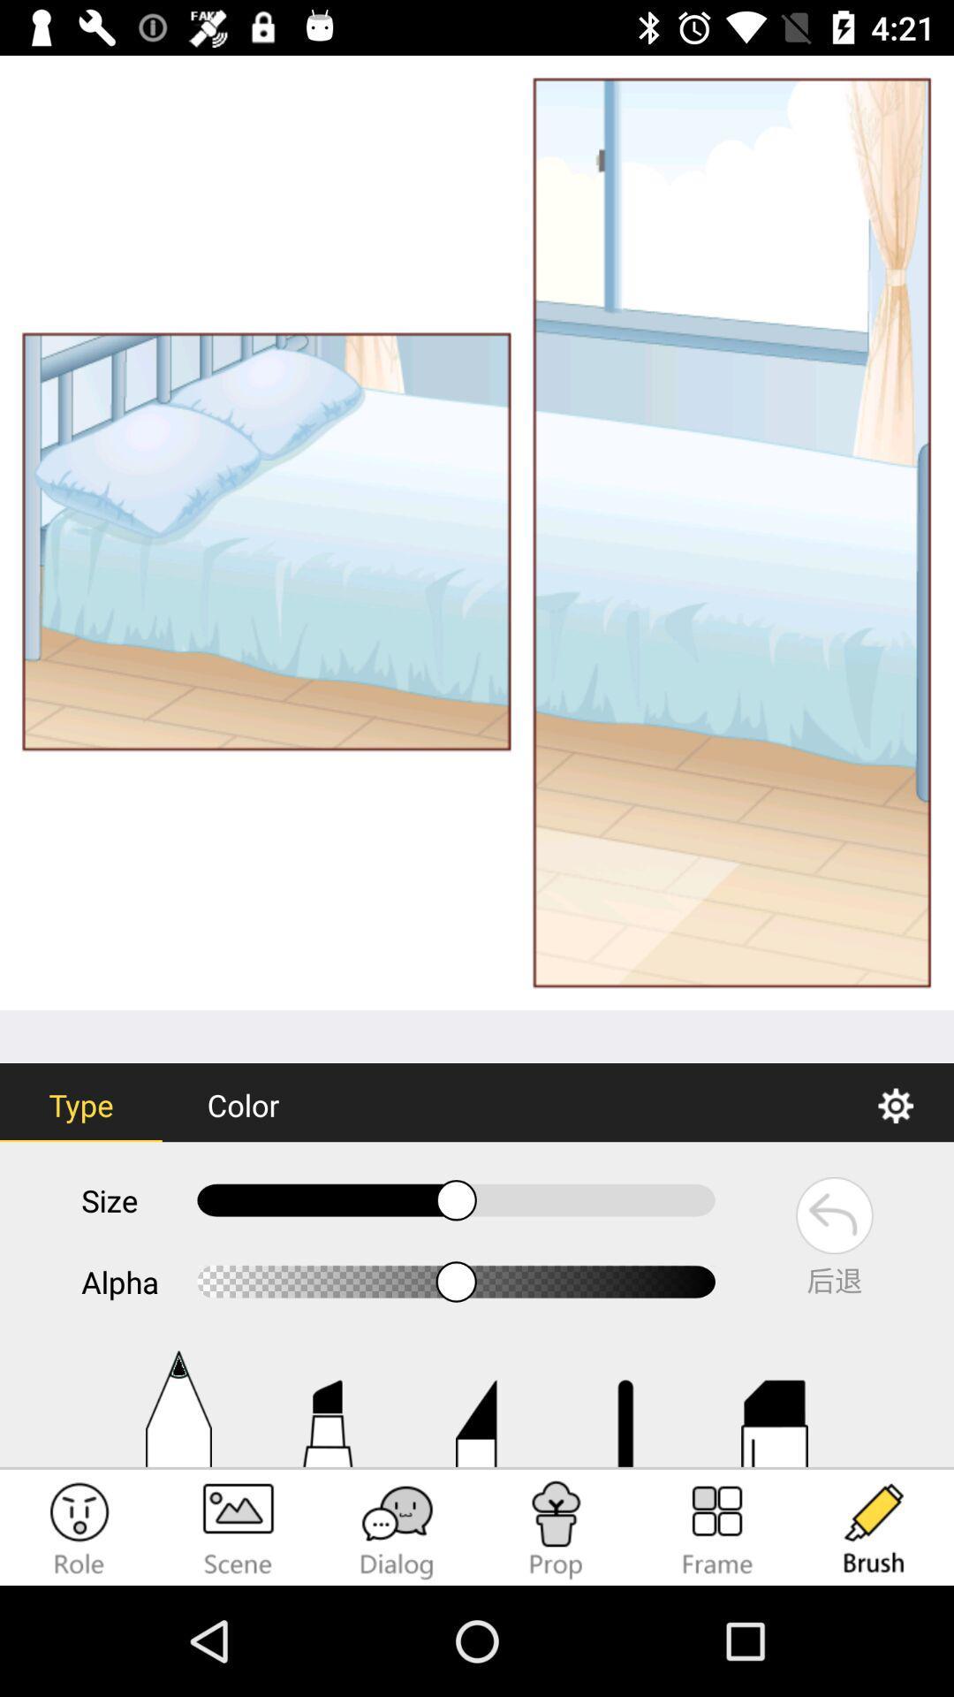  Describe the element at coordinates (477, 532) in the screenshot. I see `item above the type app` at that location.